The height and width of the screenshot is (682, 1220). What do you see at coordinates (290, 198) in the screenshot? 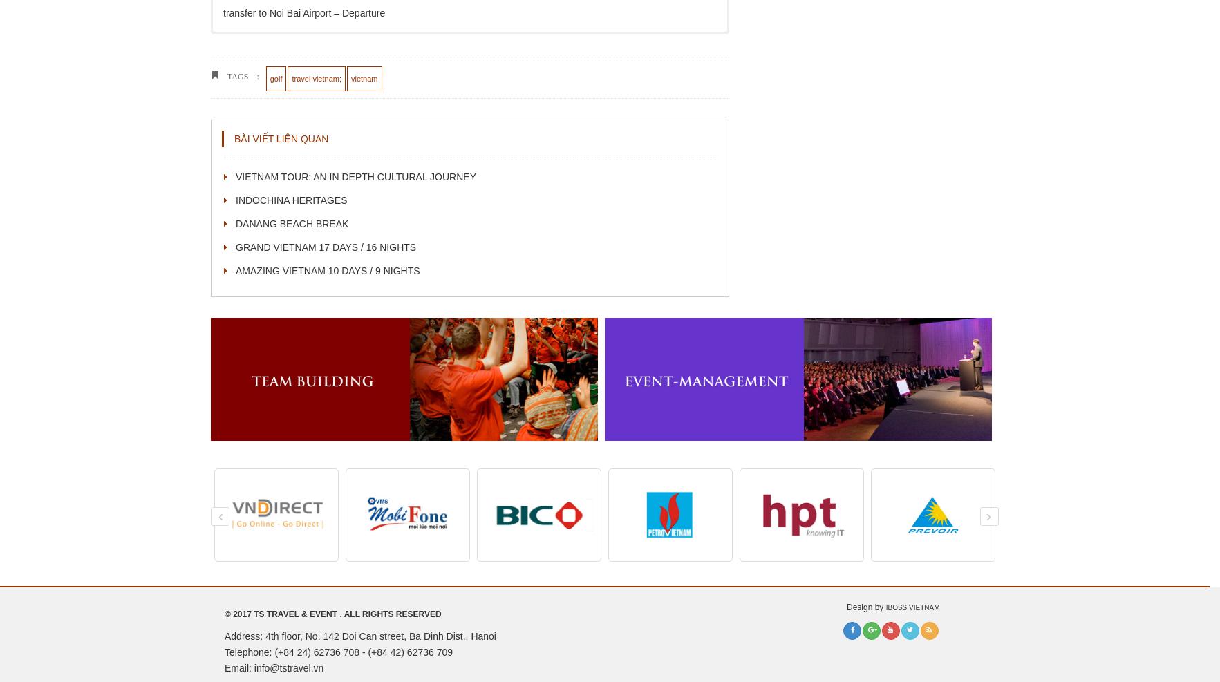
I see `'INDOCHINA HERITAGES'` at bounding box center [290, 198].